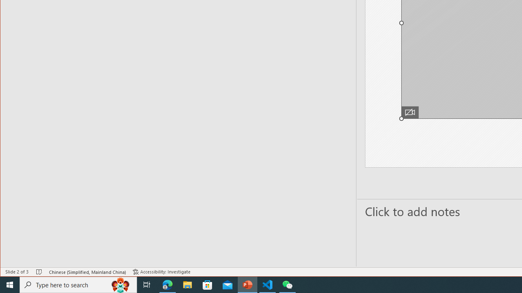 This screenshot has height=293, width=522. Describe the element at coordinates (208, 284) in the screenshot. I see `'Microsoft Store'` at that location.